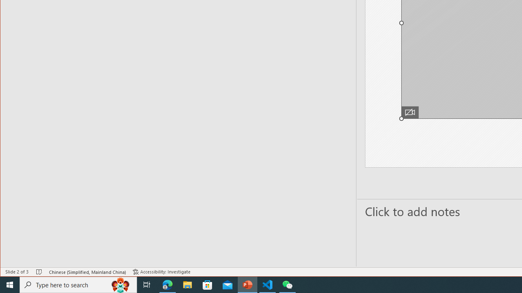 This screenshot has height=293, width=522. Describe the element at coordinates (208, 284) in the screenshot. I see `'Microsoft Store'` at that location.